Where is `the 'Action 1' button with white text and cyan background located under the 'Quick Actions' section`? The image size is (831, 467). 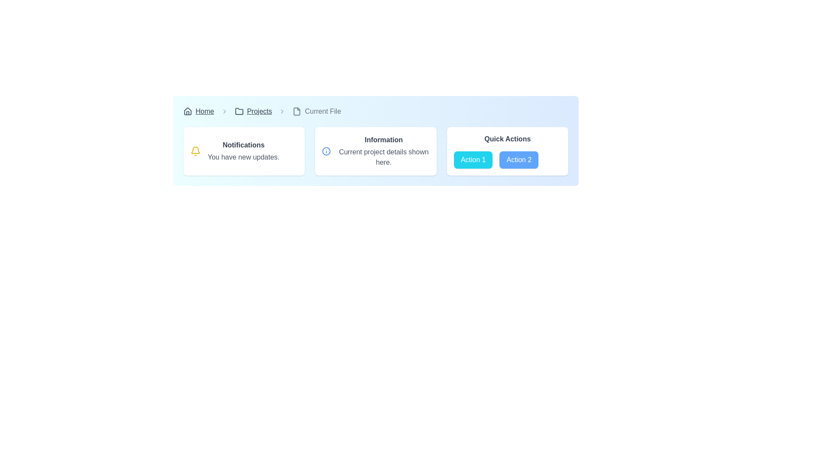
the 'Action 1' button with white text and cyan background located under the 'Quick Actions' section is located at coordinates (473, 160).